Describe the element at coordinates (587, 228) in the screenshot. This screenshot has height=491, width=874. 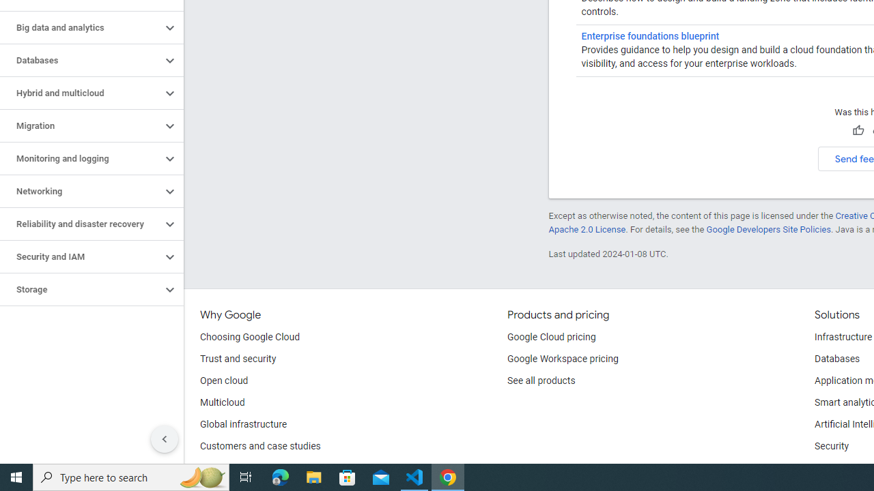
I see `'Apache 2.0 License'` at that location.